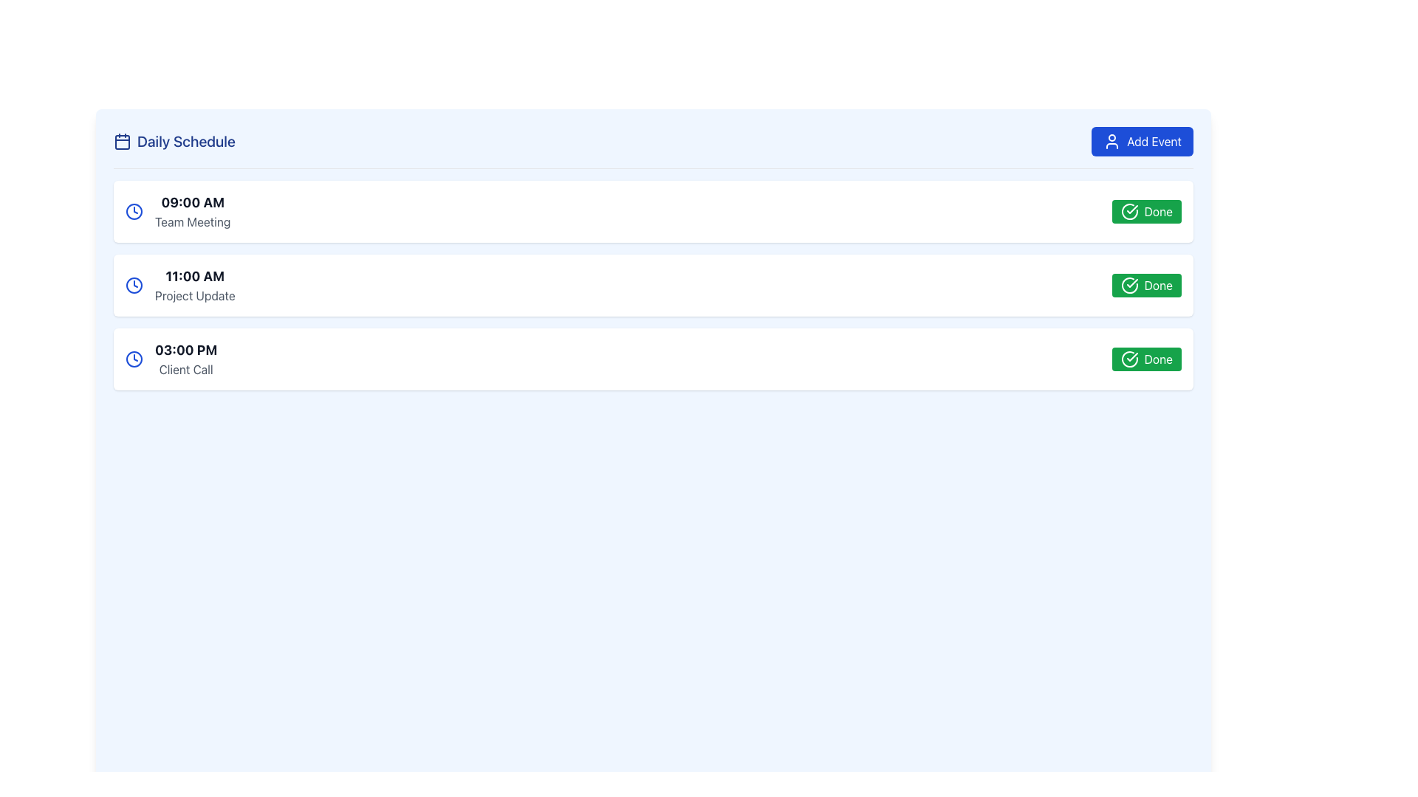 This screenshot has height=797, width=1418. What do you see at coordinates (171, 359) in the screenshot?
I see `displayed information from the schedule item labeled 'Client Call' at 03:00 PM, which is the third entry in the vertical list of schedule items` at bounding box center [171, 359].